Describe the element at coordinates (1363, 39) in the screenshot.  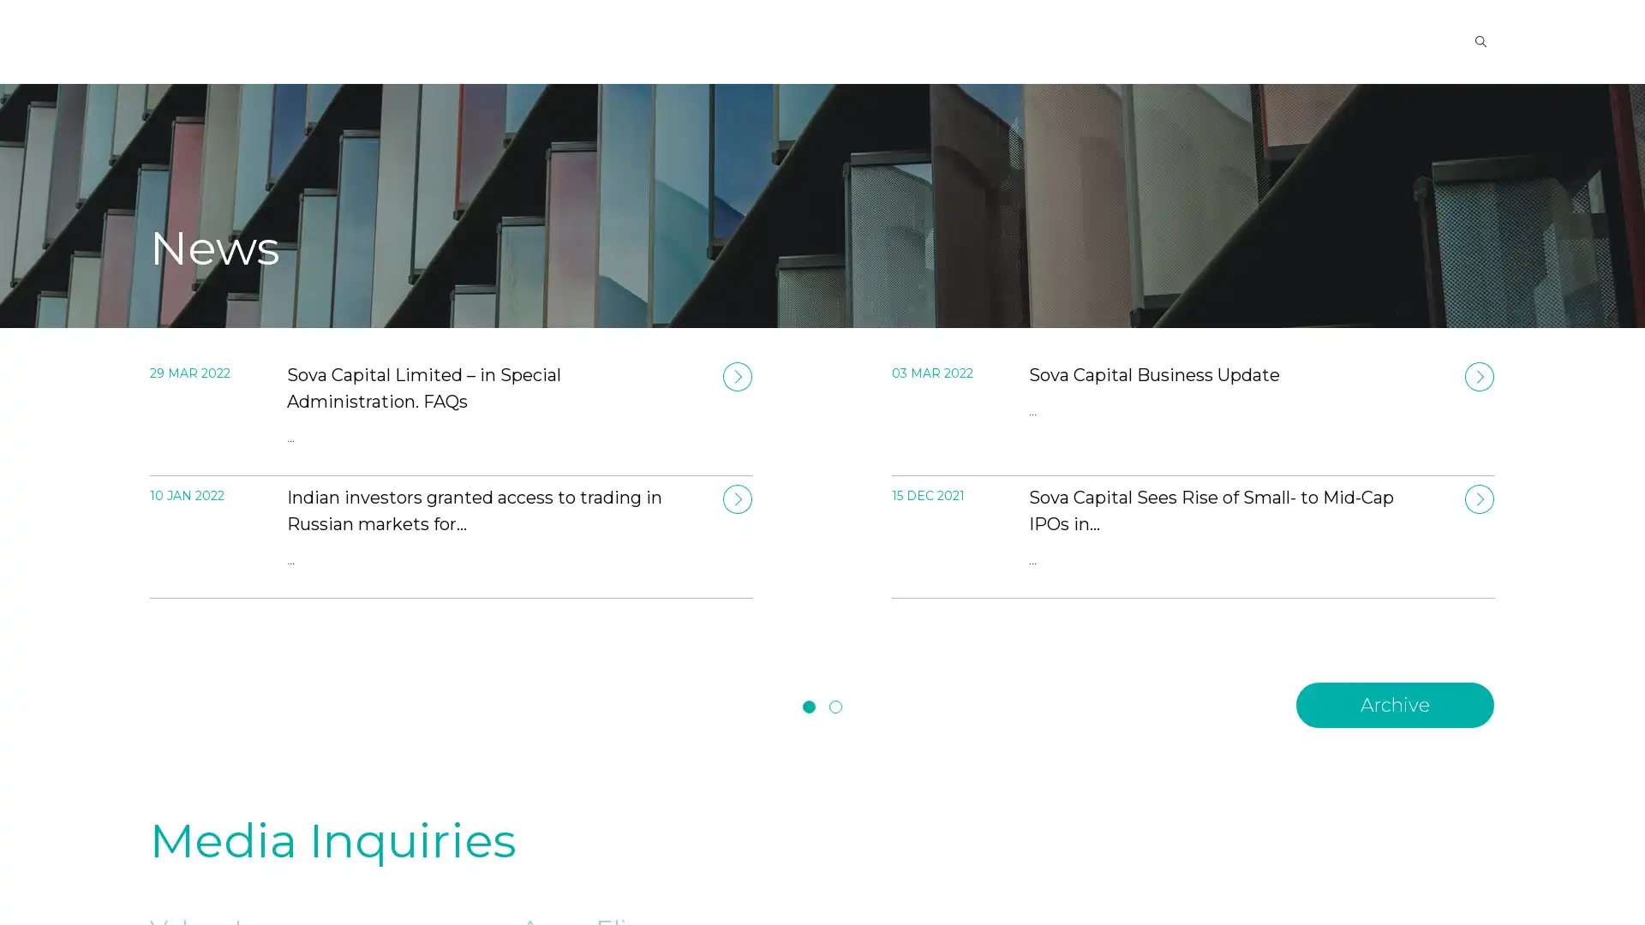
I see `Login` at that location.